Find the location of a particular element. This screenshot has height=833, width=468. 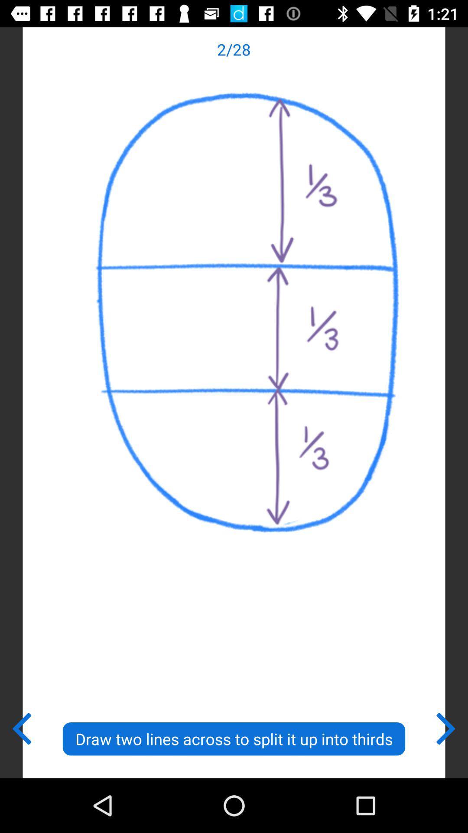

the item to the right of draw two lines is located at coordinates (446, 727).